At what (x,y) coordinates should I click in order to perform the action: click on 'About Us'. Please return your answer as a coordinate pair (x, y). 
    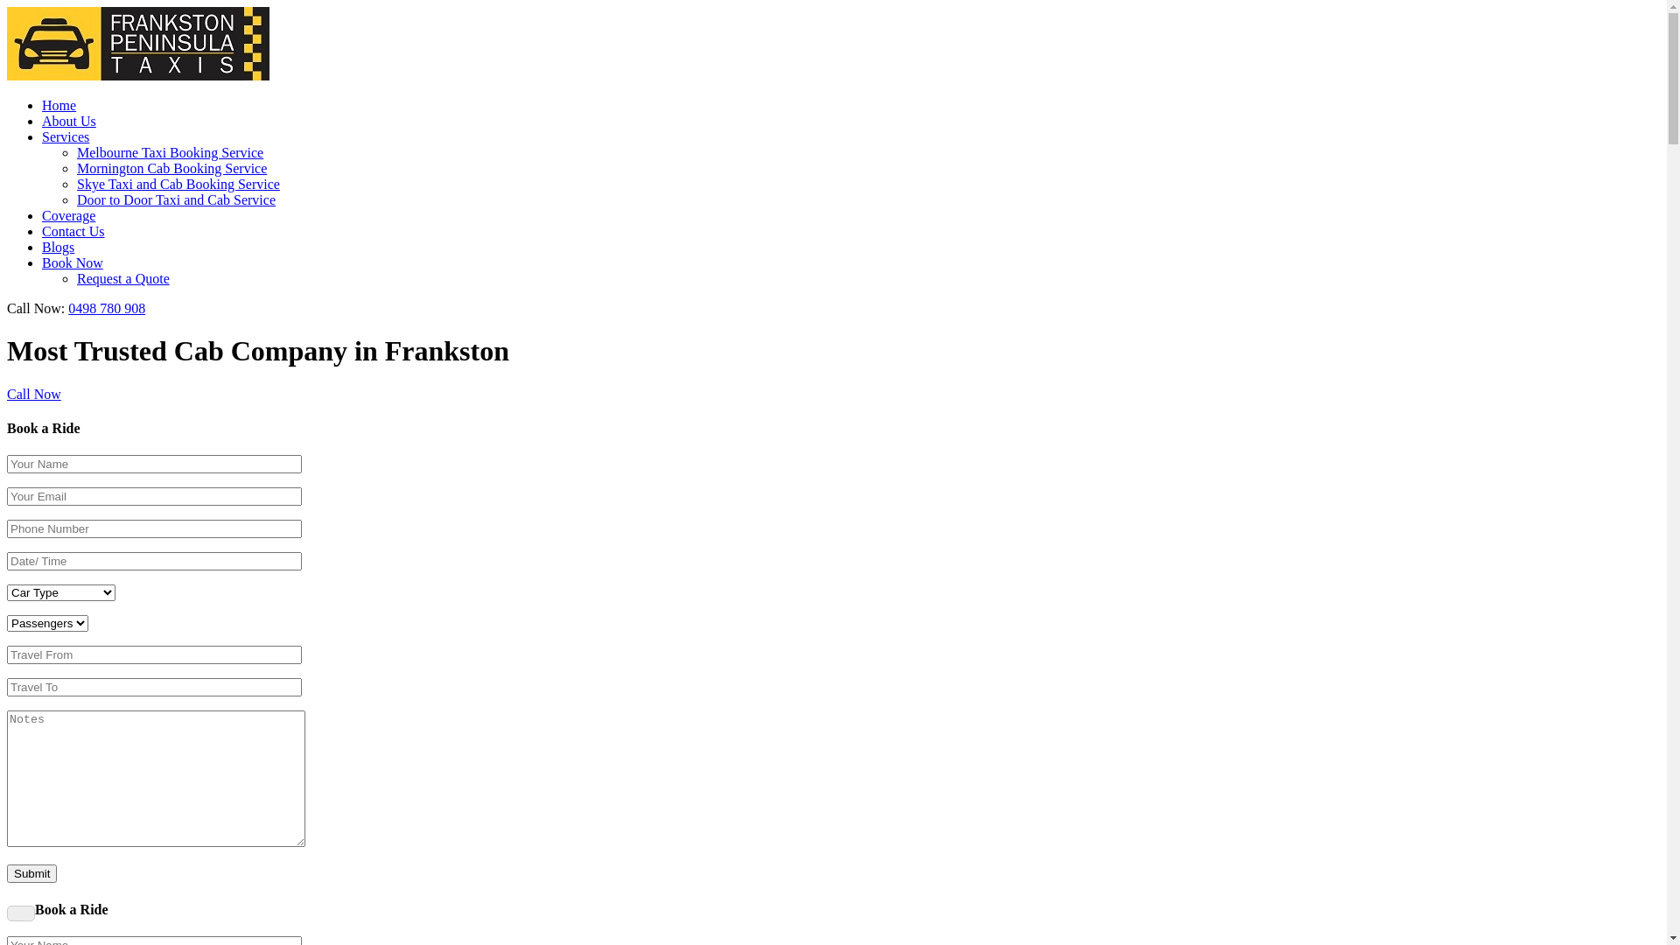
    Looking at the image, I should click on (68, 120).